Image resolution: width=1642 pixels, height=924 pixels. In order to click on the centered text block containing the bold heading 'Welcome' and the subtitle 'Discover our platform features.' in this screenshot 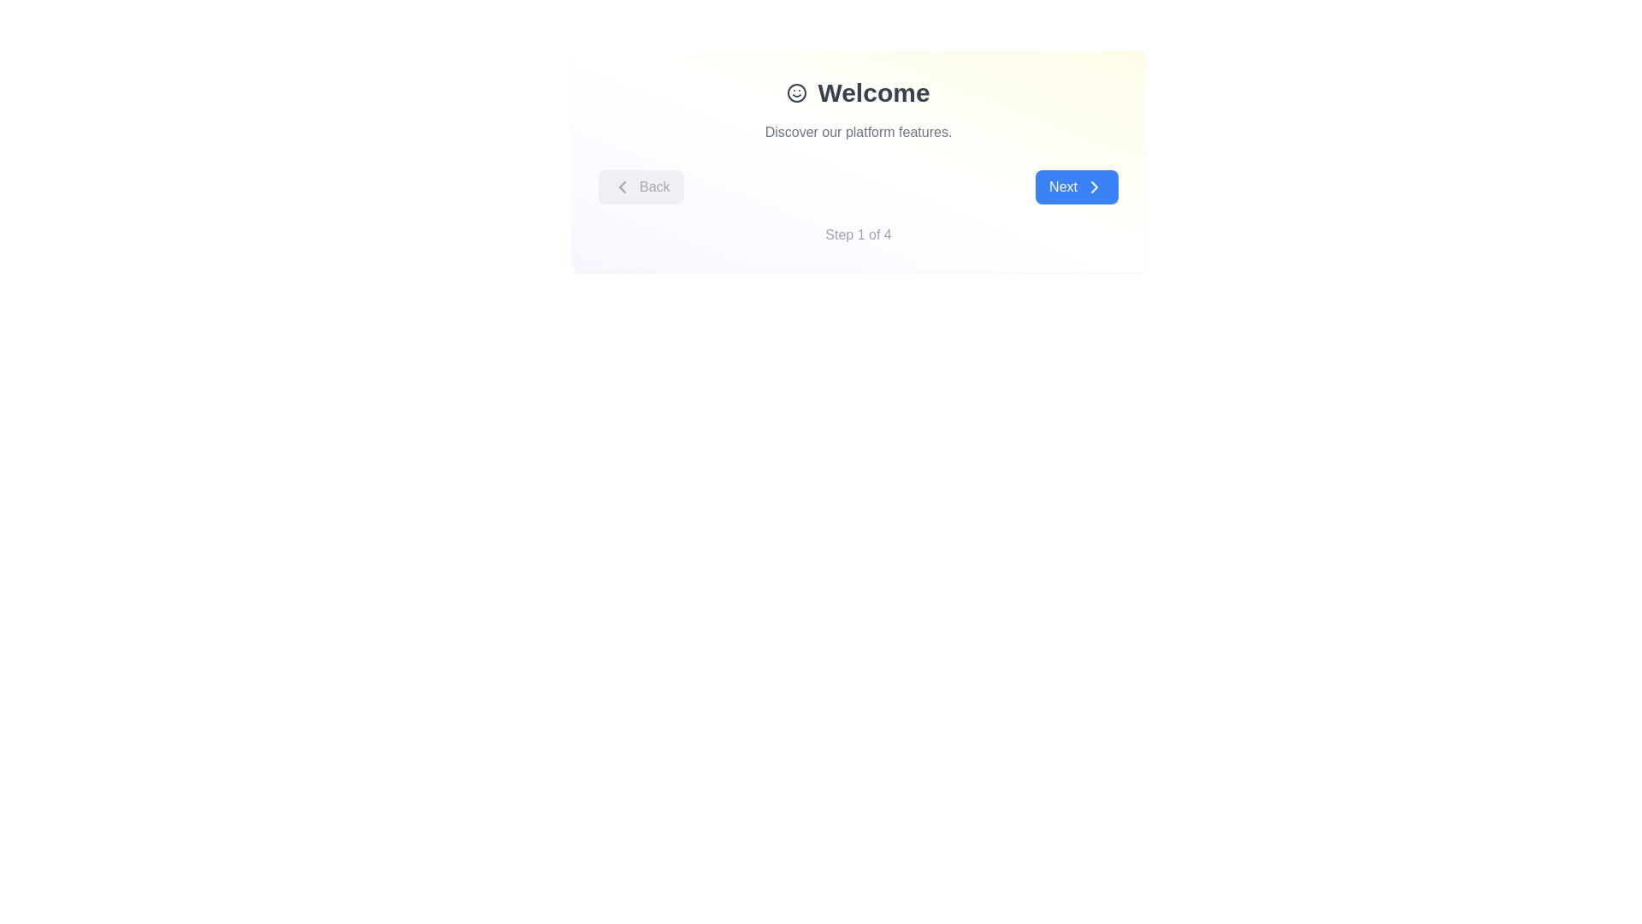, I will do `click(858, 110)`.